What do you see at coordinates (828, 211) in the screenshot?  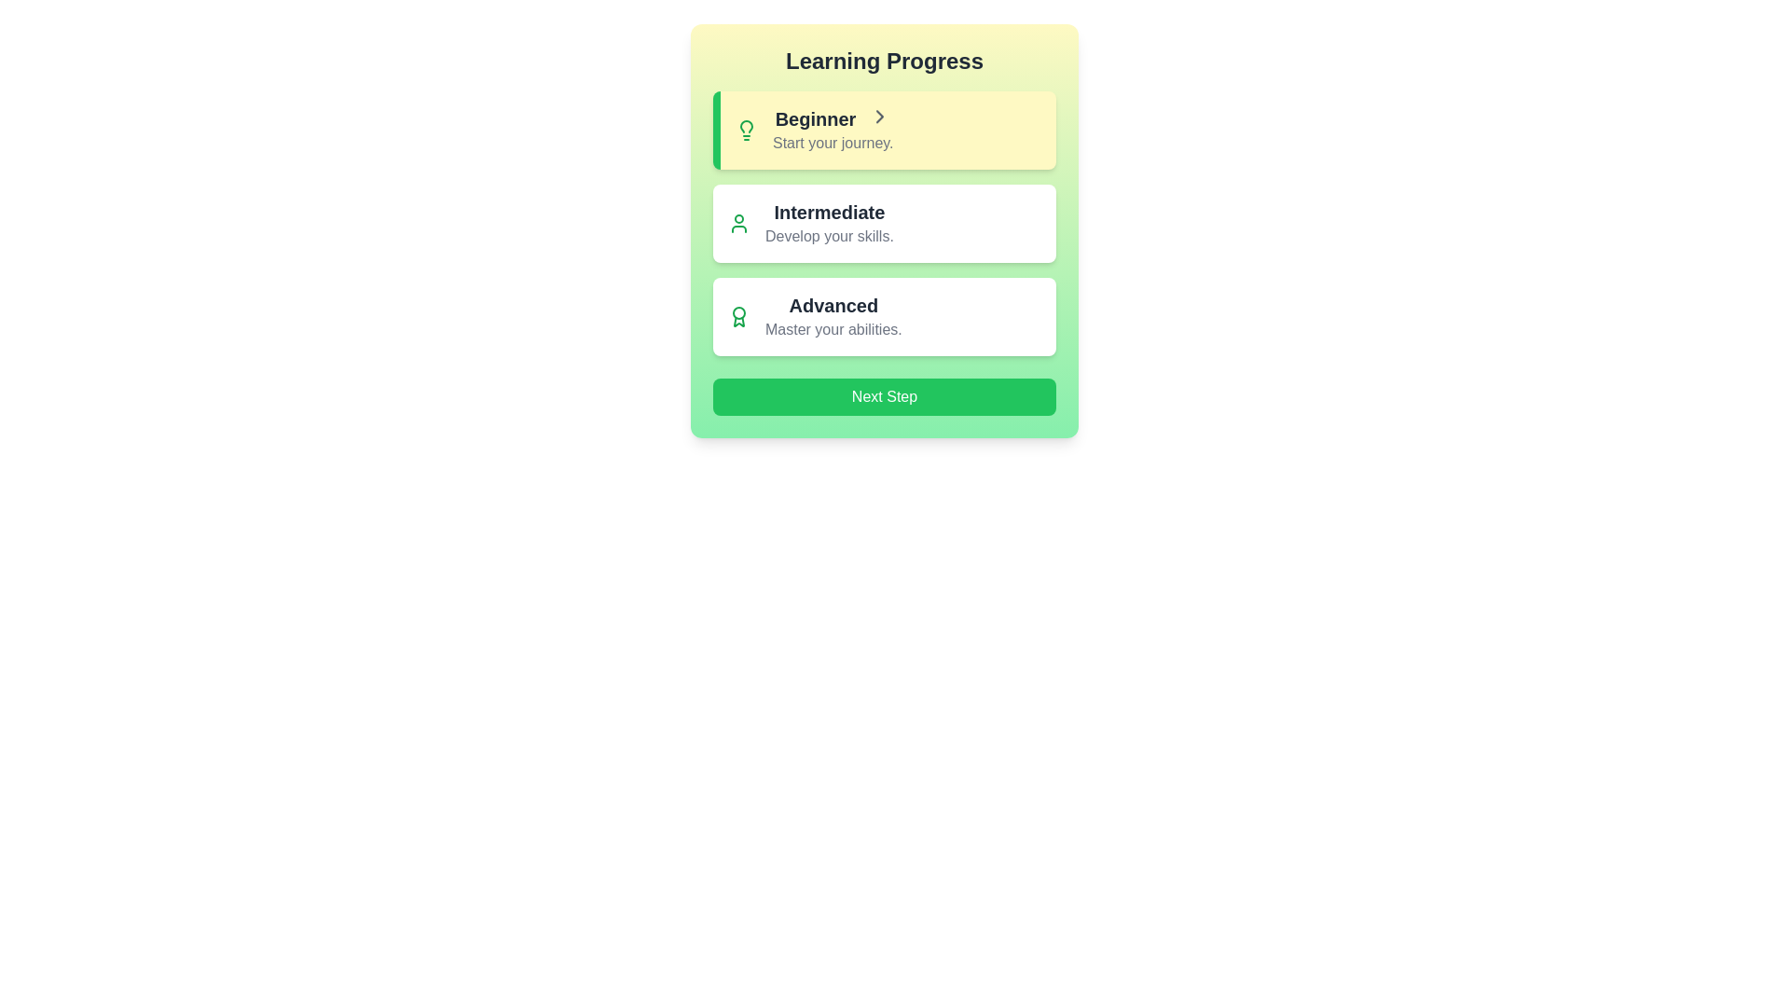 I see `the bold text label reading 'Intermediate' which is styled in dark gray and is prominently displayed as the main heading in the Learning Progress interface` at bounding box center [828, 211].